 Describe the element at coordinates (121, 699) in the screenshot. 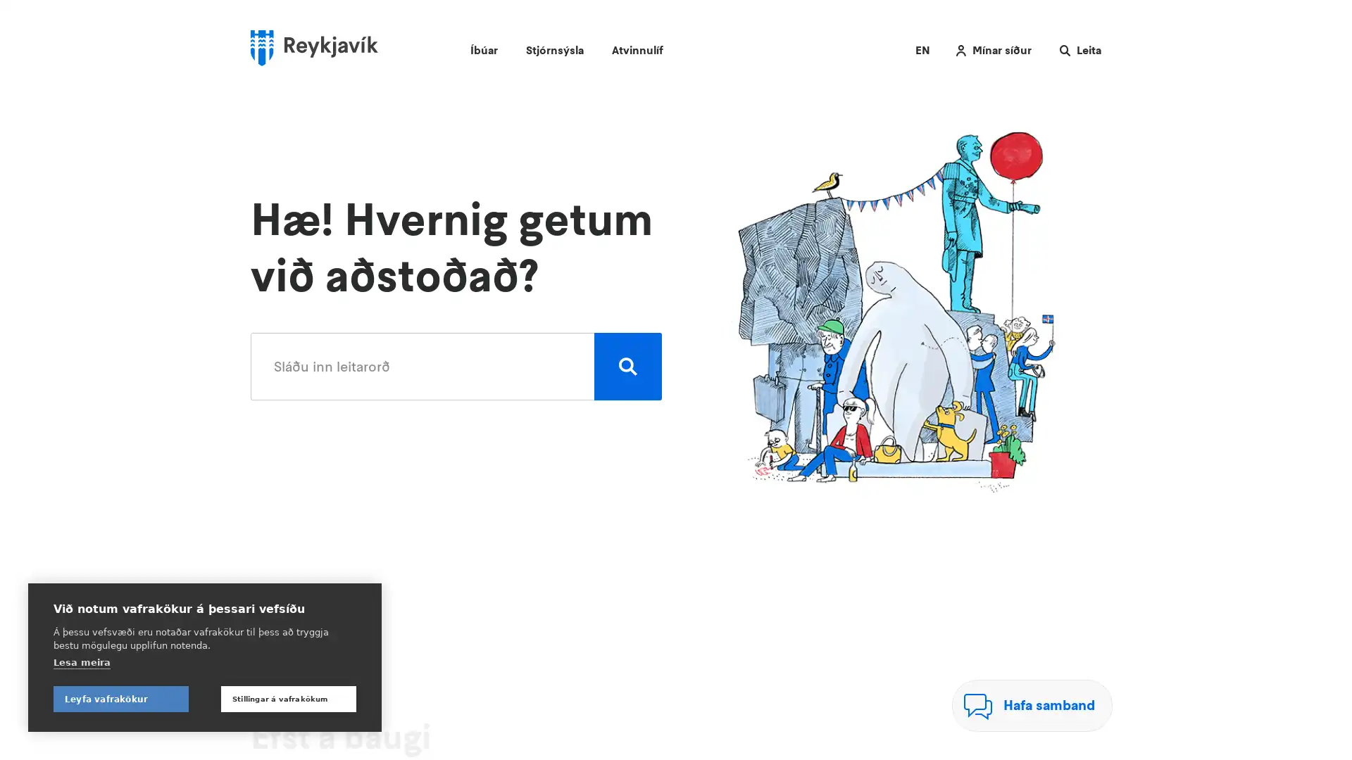

I see `Leyfa vafrakokur` at that location.